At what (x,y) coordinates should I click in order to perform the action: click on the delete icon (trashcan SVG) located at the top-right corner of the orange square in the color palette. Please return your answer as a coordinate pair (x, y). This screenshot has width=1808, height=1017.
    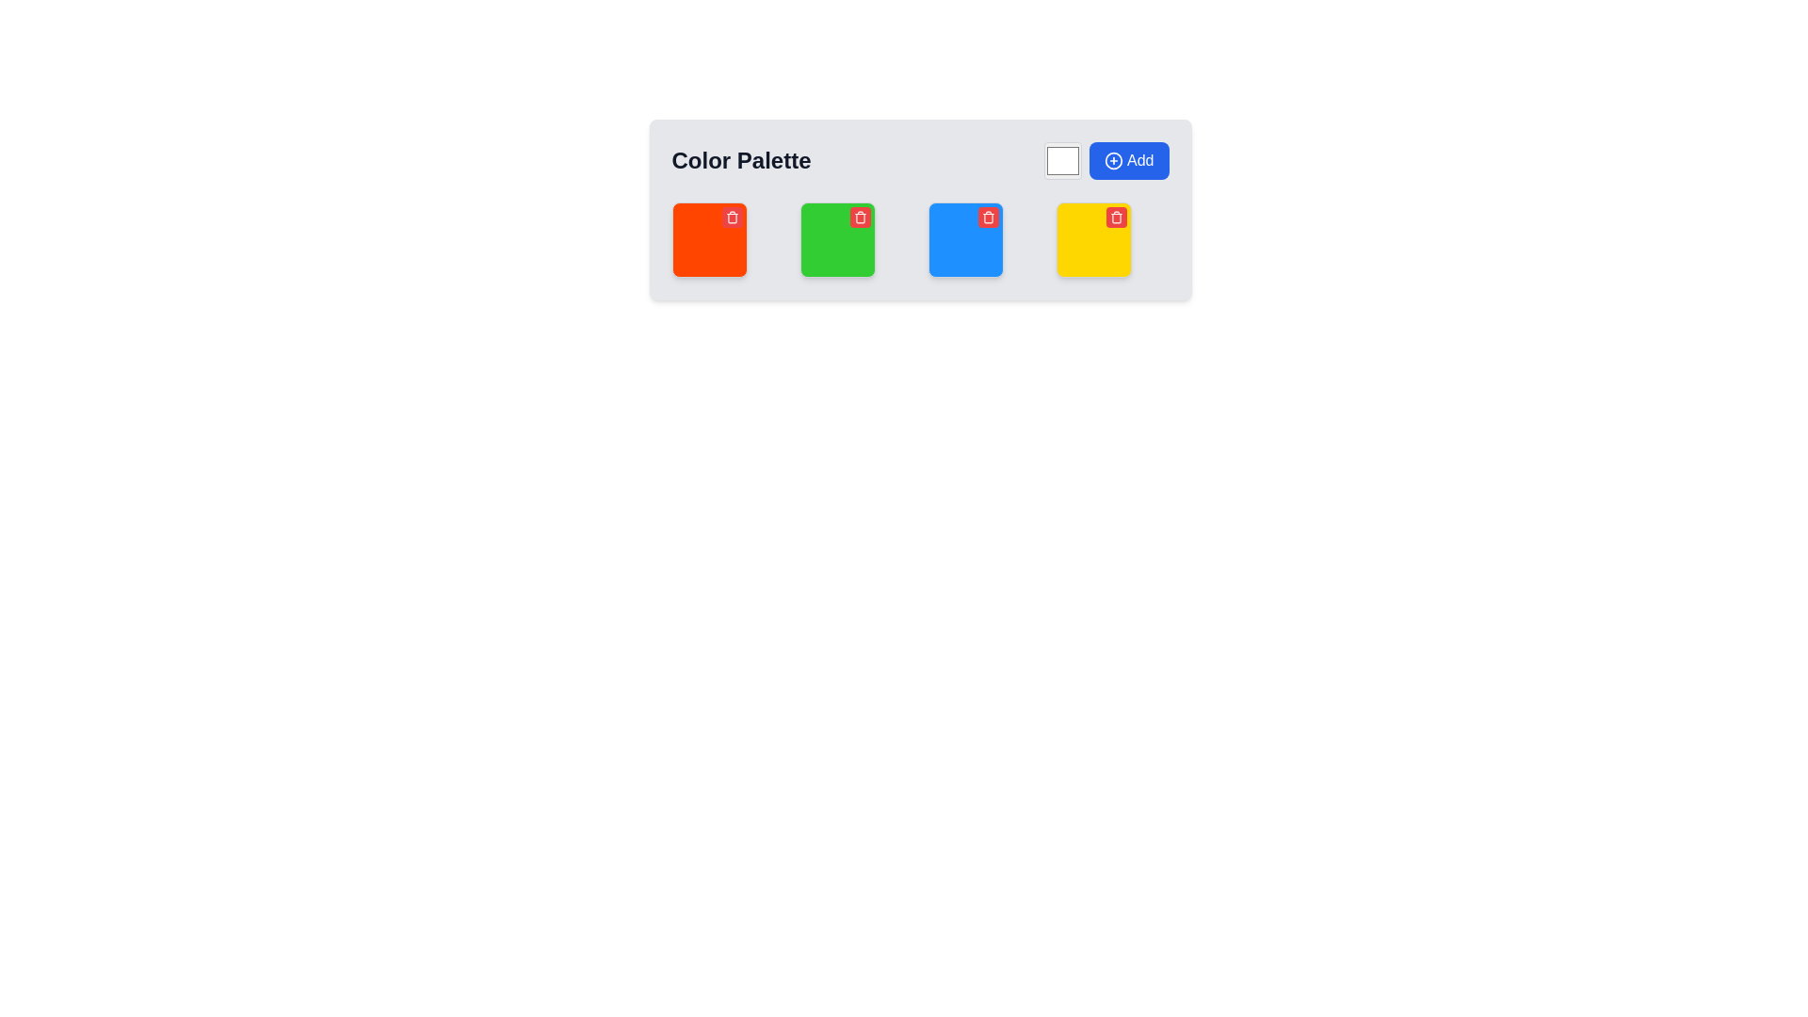
    Looking at the image, I should click on (731, 217).